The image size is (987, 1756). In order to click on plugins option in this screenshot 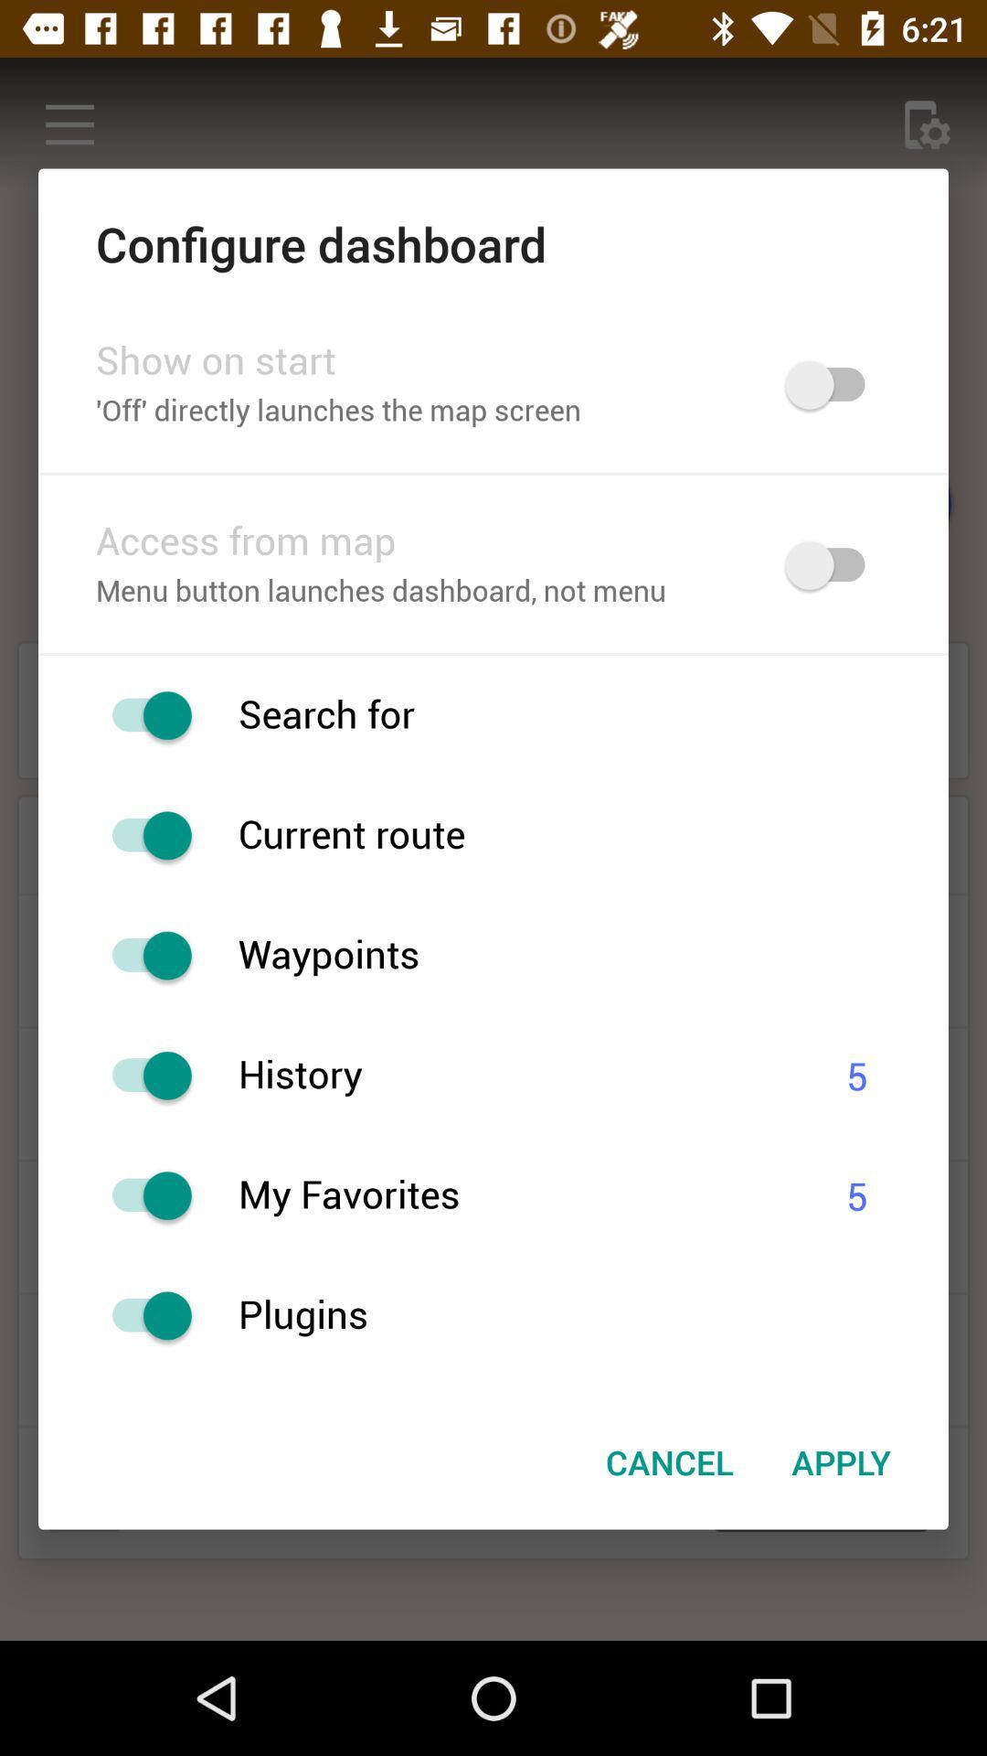, I will do `click(142, 1314)`.